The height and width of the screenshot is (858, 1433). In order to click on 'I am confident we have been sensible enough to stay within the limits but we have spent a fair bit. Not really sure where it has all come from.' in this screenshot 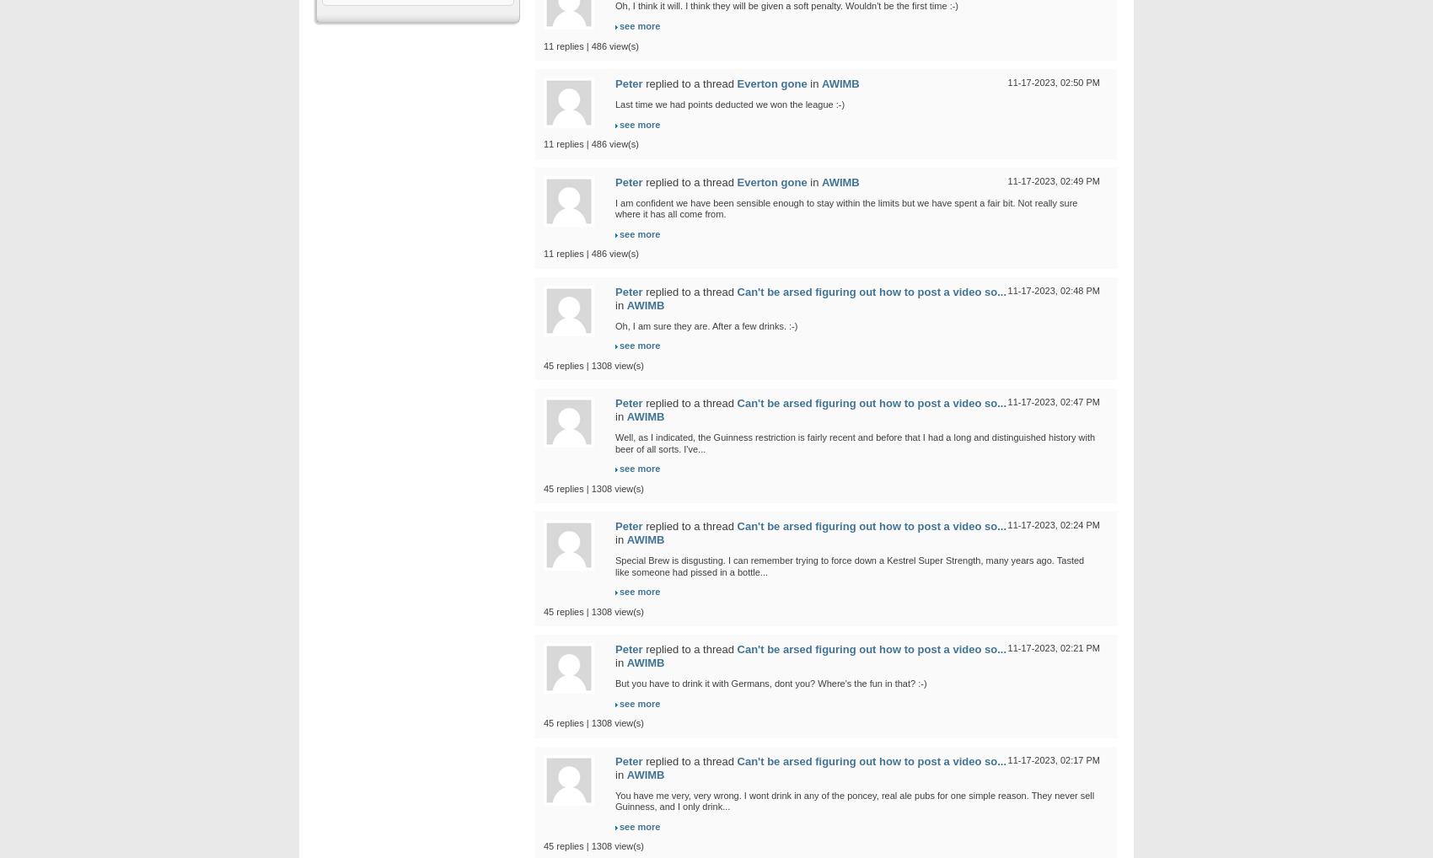, I will do `click(845, 206)`.